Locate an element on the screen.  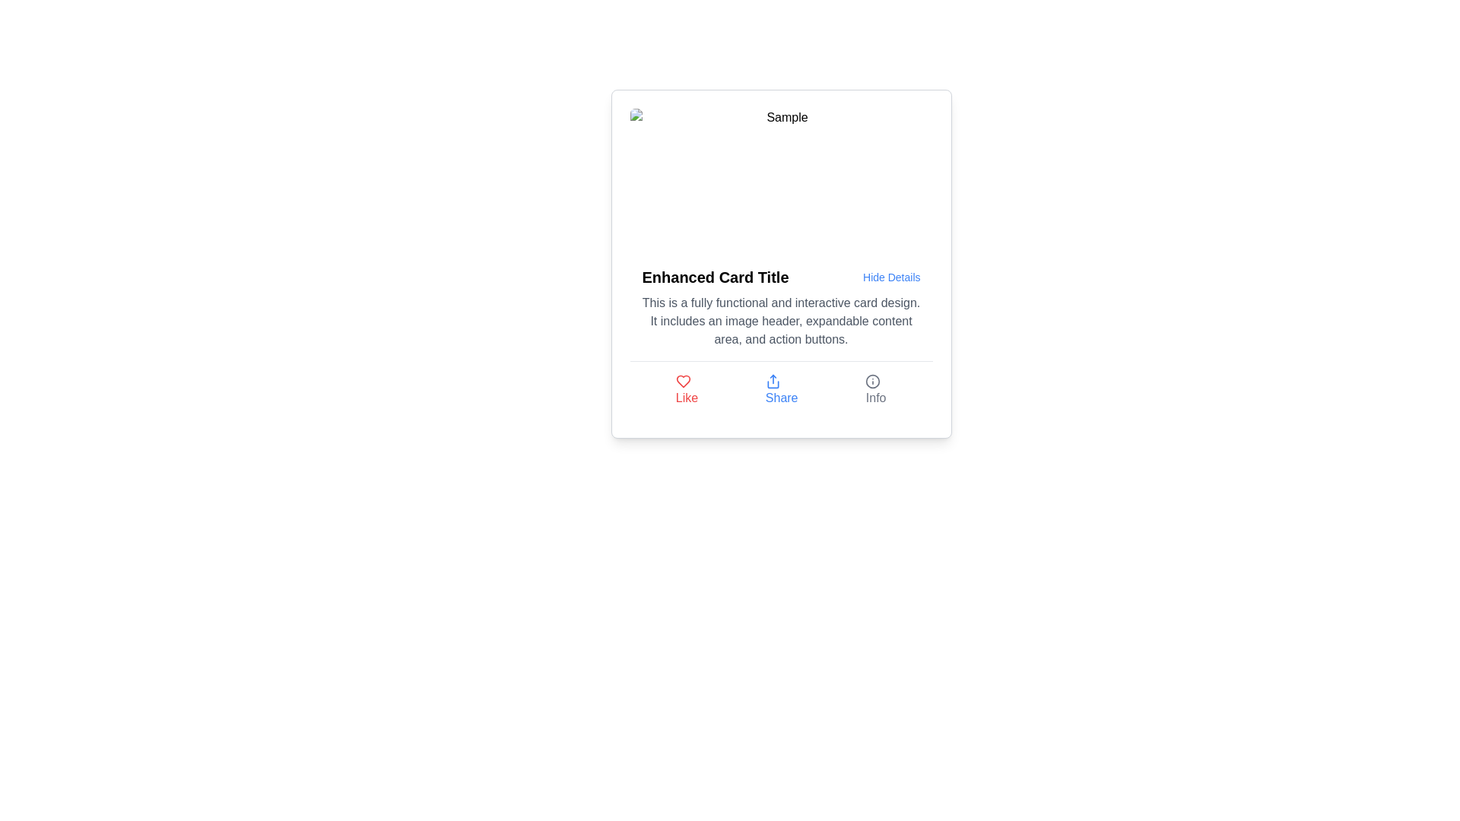
the central circular part of the 'Info' icon, which is the third icon in a horizontal list at the bottom of the card component is located at coordinates (873, 380).